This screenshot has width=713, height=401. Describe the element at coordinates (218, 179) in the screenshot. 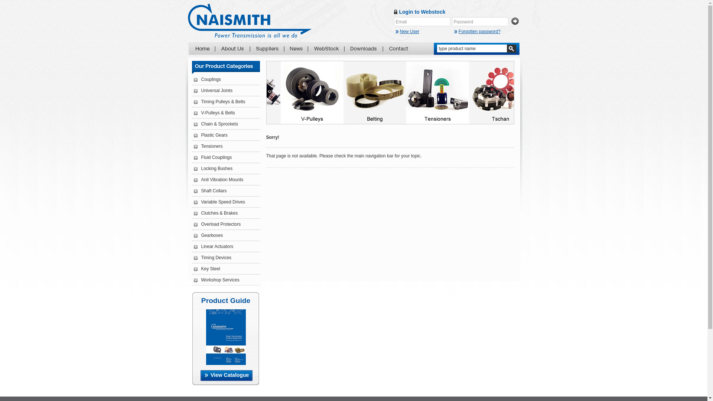

I see `'Anti Vibration Mounts'` at that location.